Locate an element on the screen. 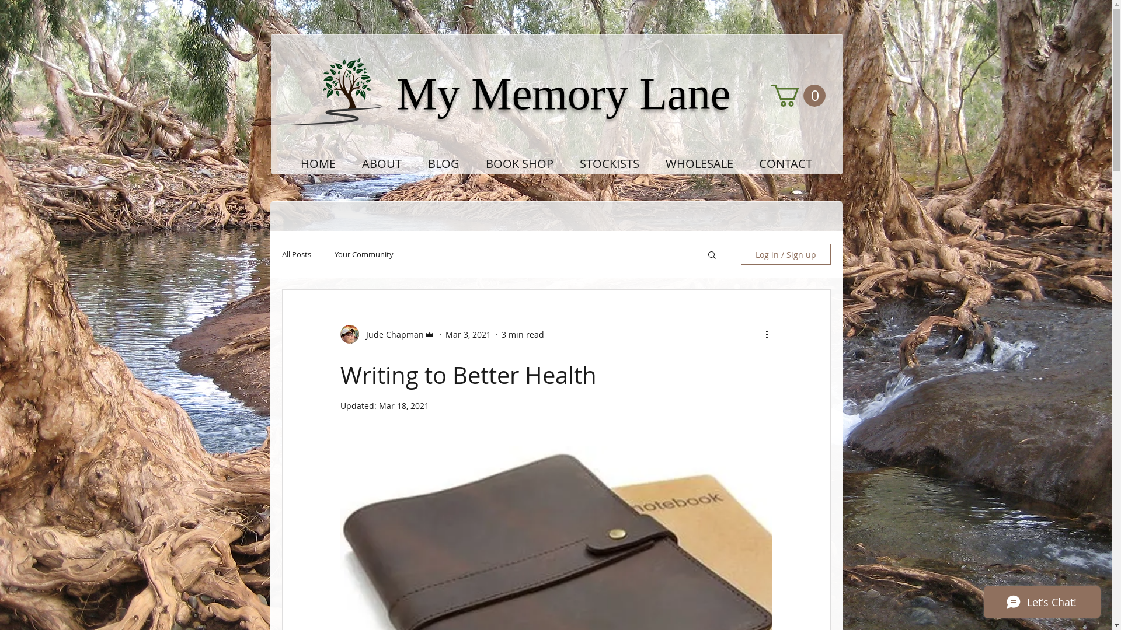 This screenshot has width=1121, height=630. 'HOME' is located at coordinates (318, 164).